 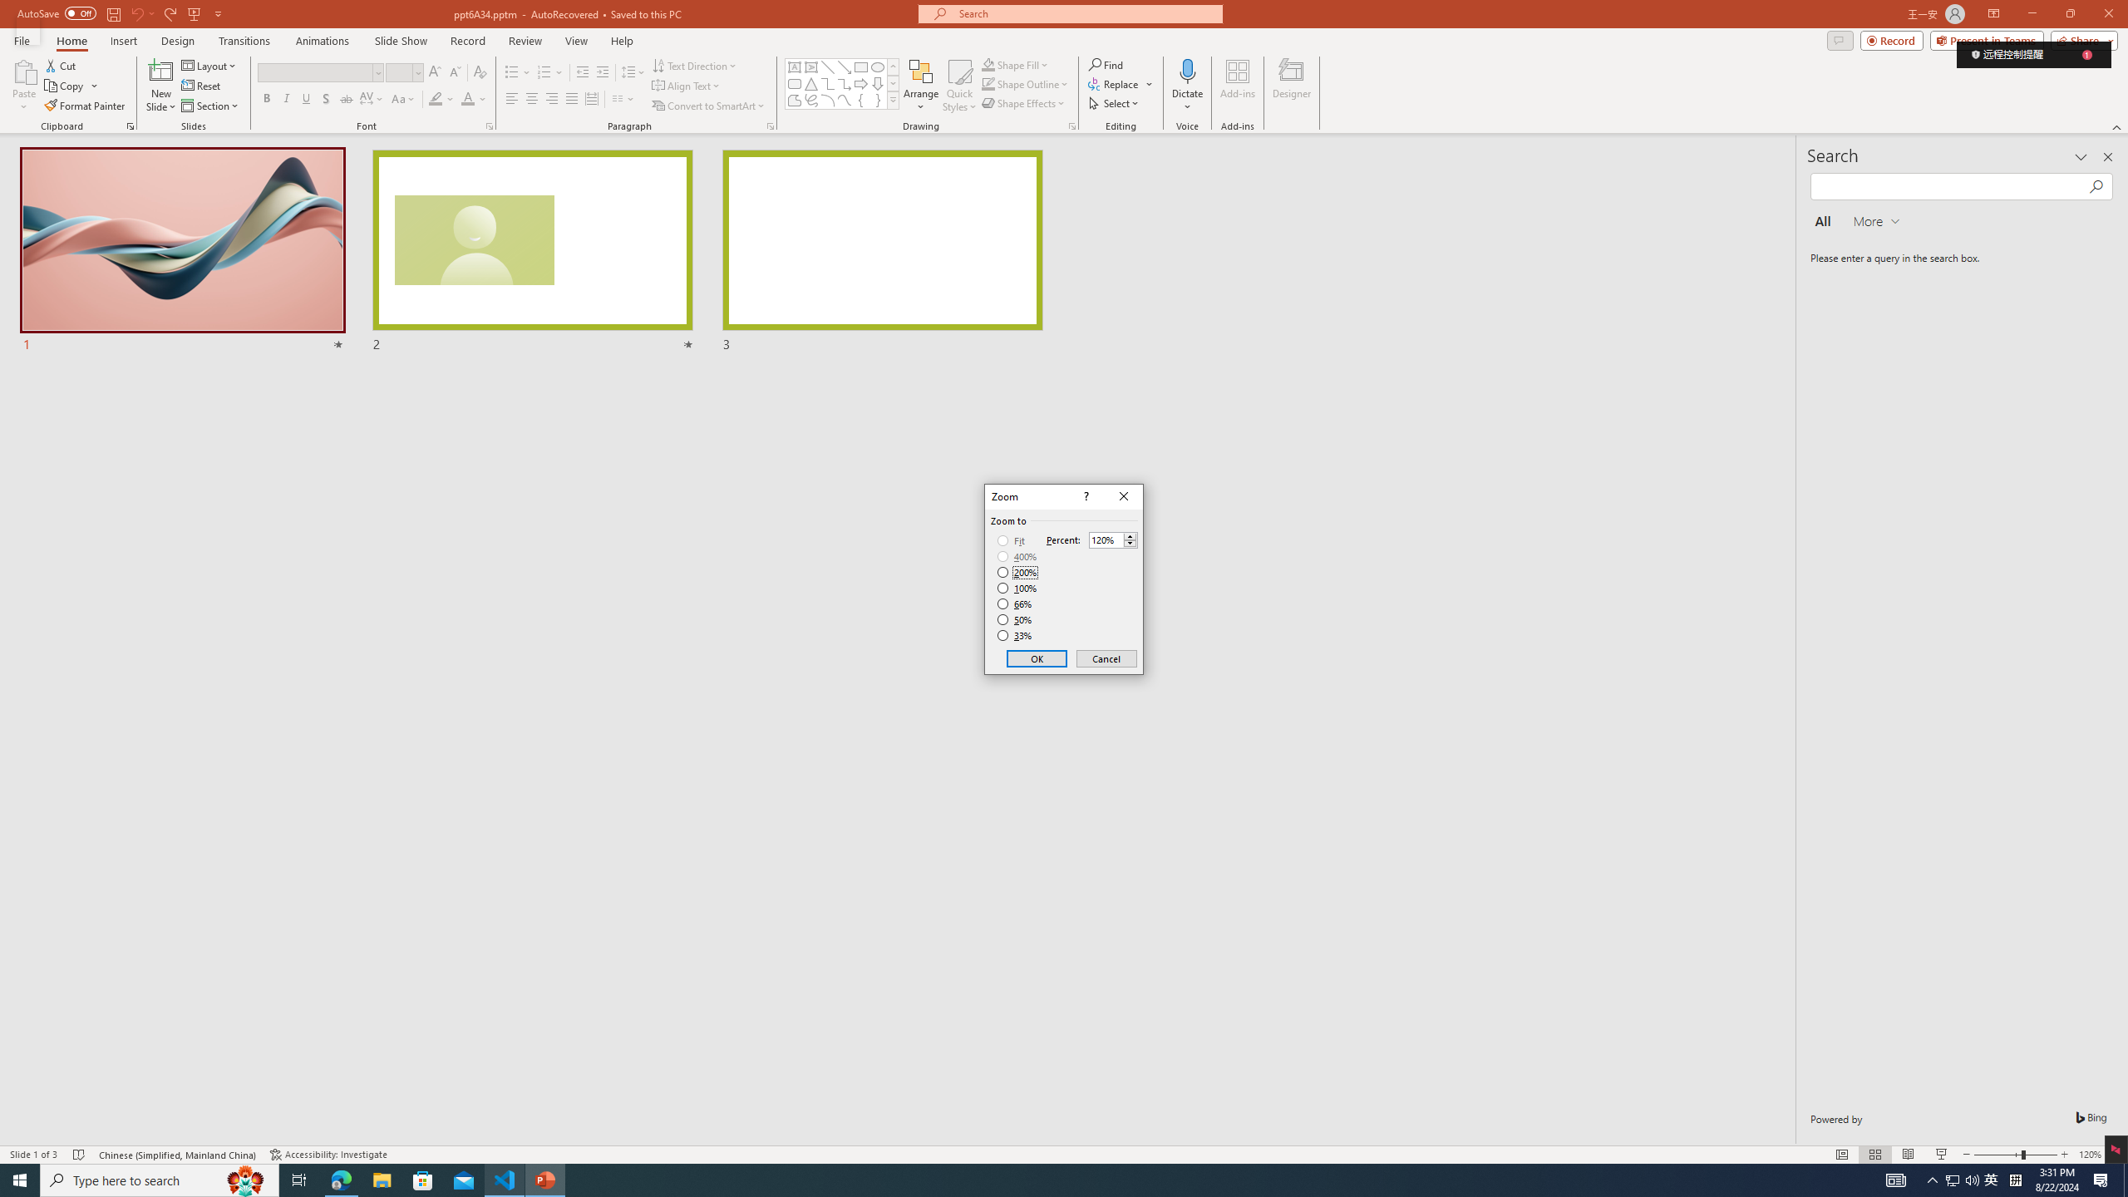 I want to click on 'Format Painter', so click(x=85, y=106).